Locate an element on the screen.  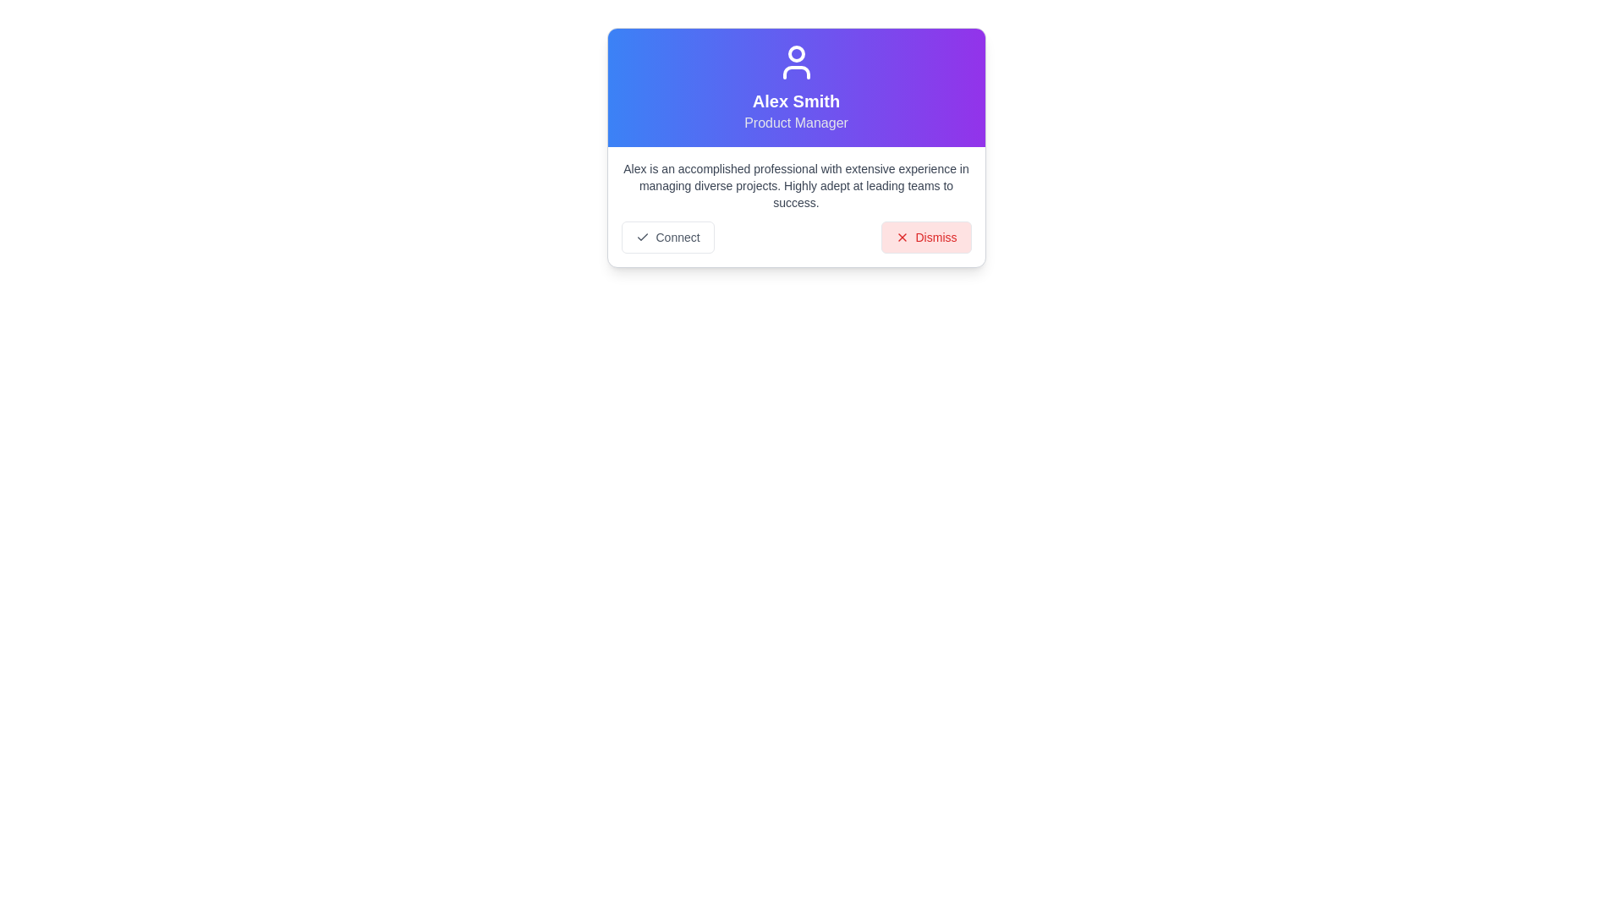
the circular SVG element that is part of the decorative icon above the text 'Alex Smith' is located at coordinates (795, 53).